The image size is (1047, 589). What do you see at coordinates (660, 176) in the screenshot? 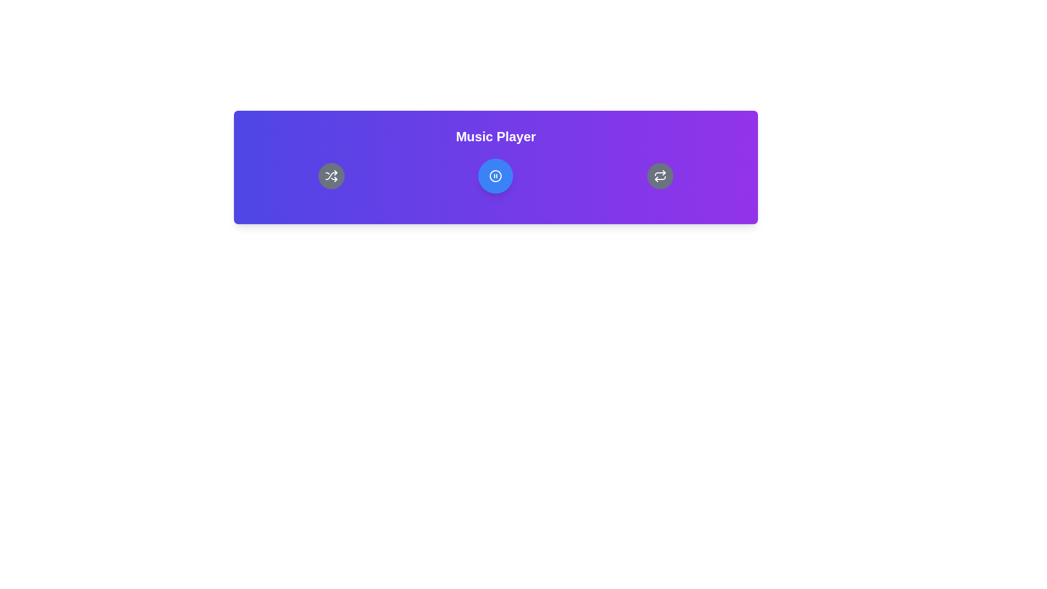
I see `the rightmost button with an icon` at bounding box center [660, 176].